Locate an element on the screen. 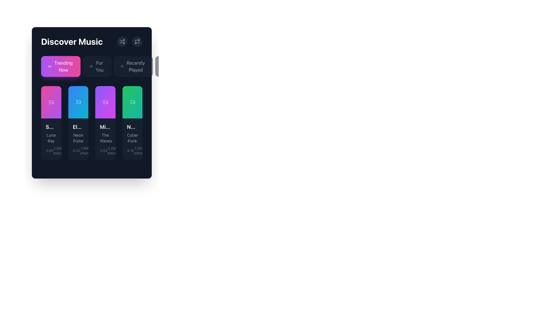 Image resolution: width=556 pixels, height=312 pixels. the text label displaying 'Luna Ray', which is styled with a small font size and gray color, located within a dark-themed card below the track title 'Summer Nights' is located at coordinates (51, 138).